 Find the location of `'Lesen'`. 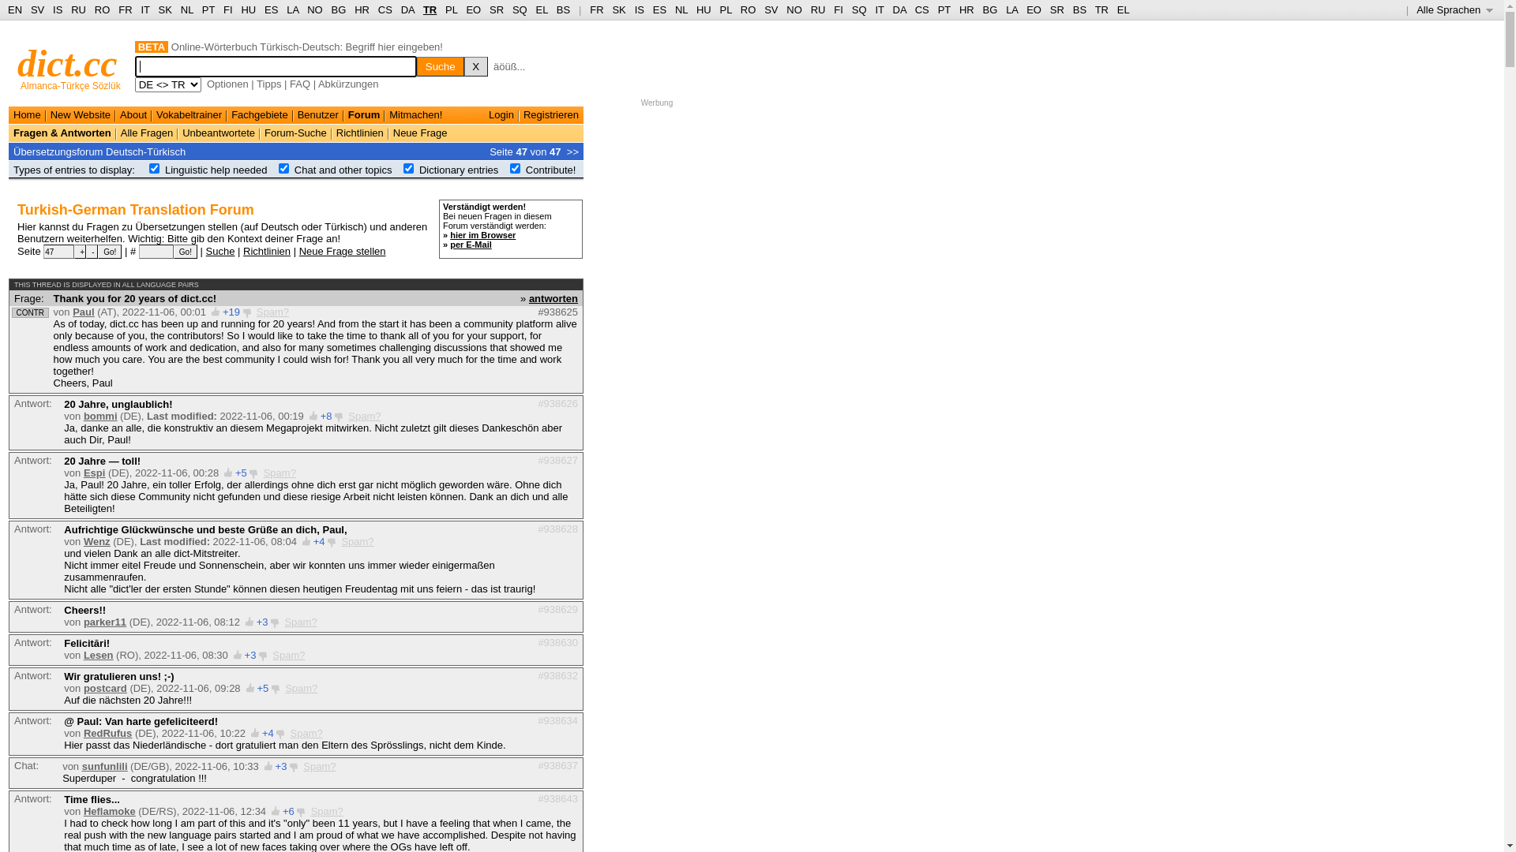

'Lesen' is located at coordinates (97, 655).